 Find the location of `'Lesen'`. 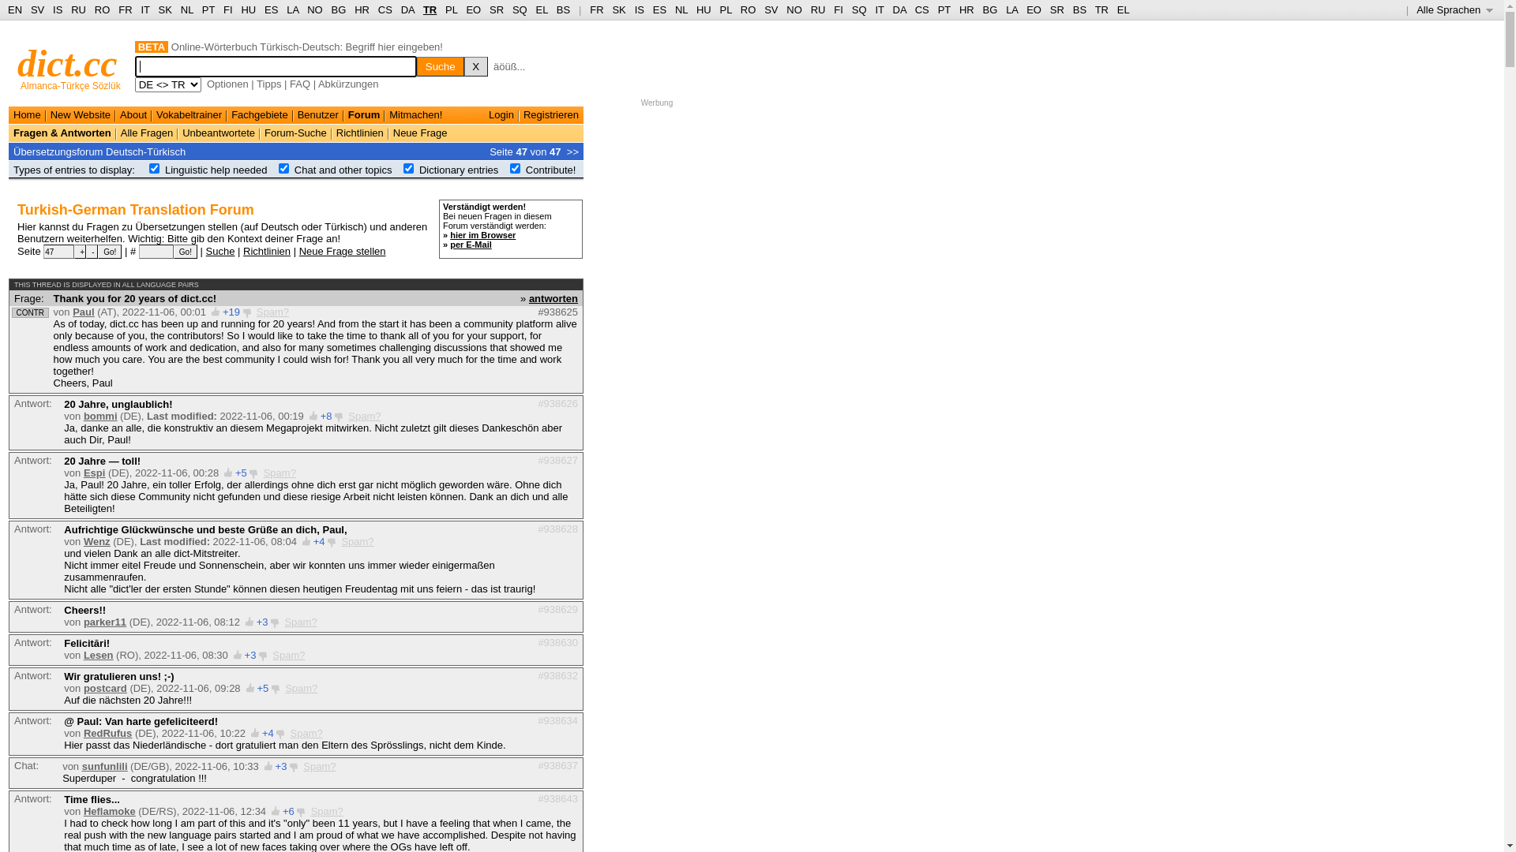

'Lesen' is located at coordinates (97, 655).